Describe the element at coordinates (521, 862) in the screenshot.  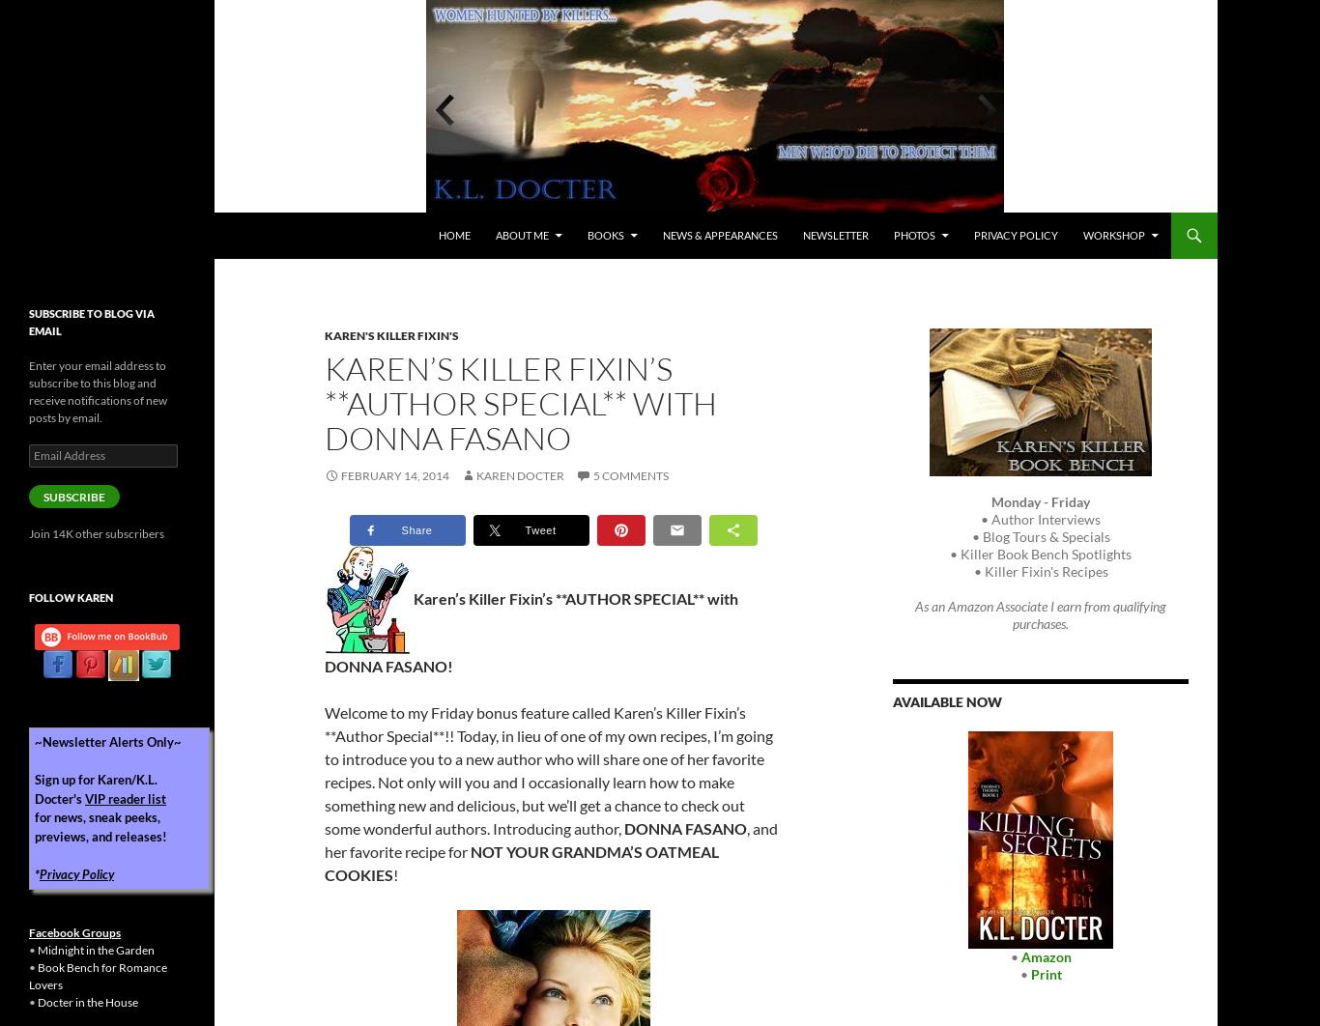
I see `'NOT YOUR GRANDMA’S OATMEAL COOKIES'` at that location.